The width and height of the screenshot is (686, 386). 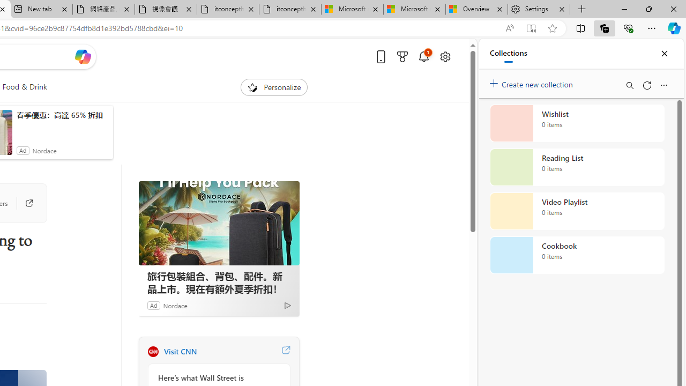 What do you see at coordinates (476, 9) in the screenshot?
I see `'Overview'` at bounding box center [476, 9].